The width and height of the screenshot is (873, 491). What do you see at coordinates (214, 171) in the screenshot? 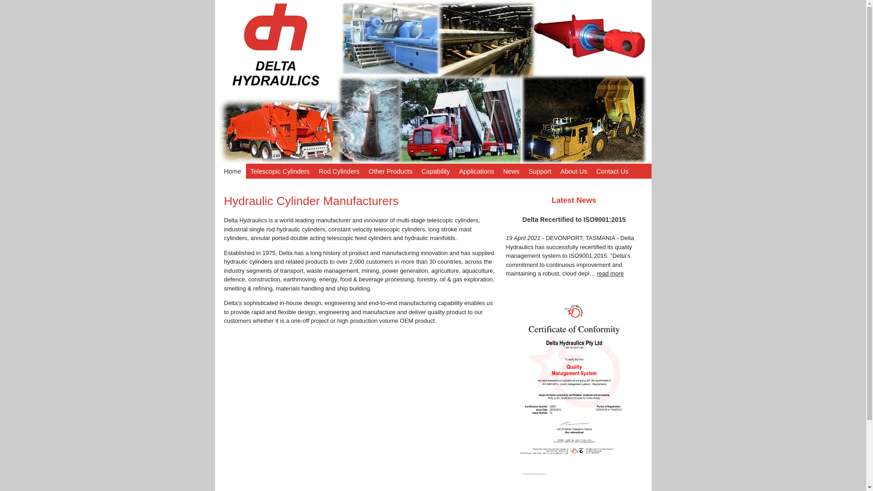
I see `'Home'` at bounding box center [214, 171].